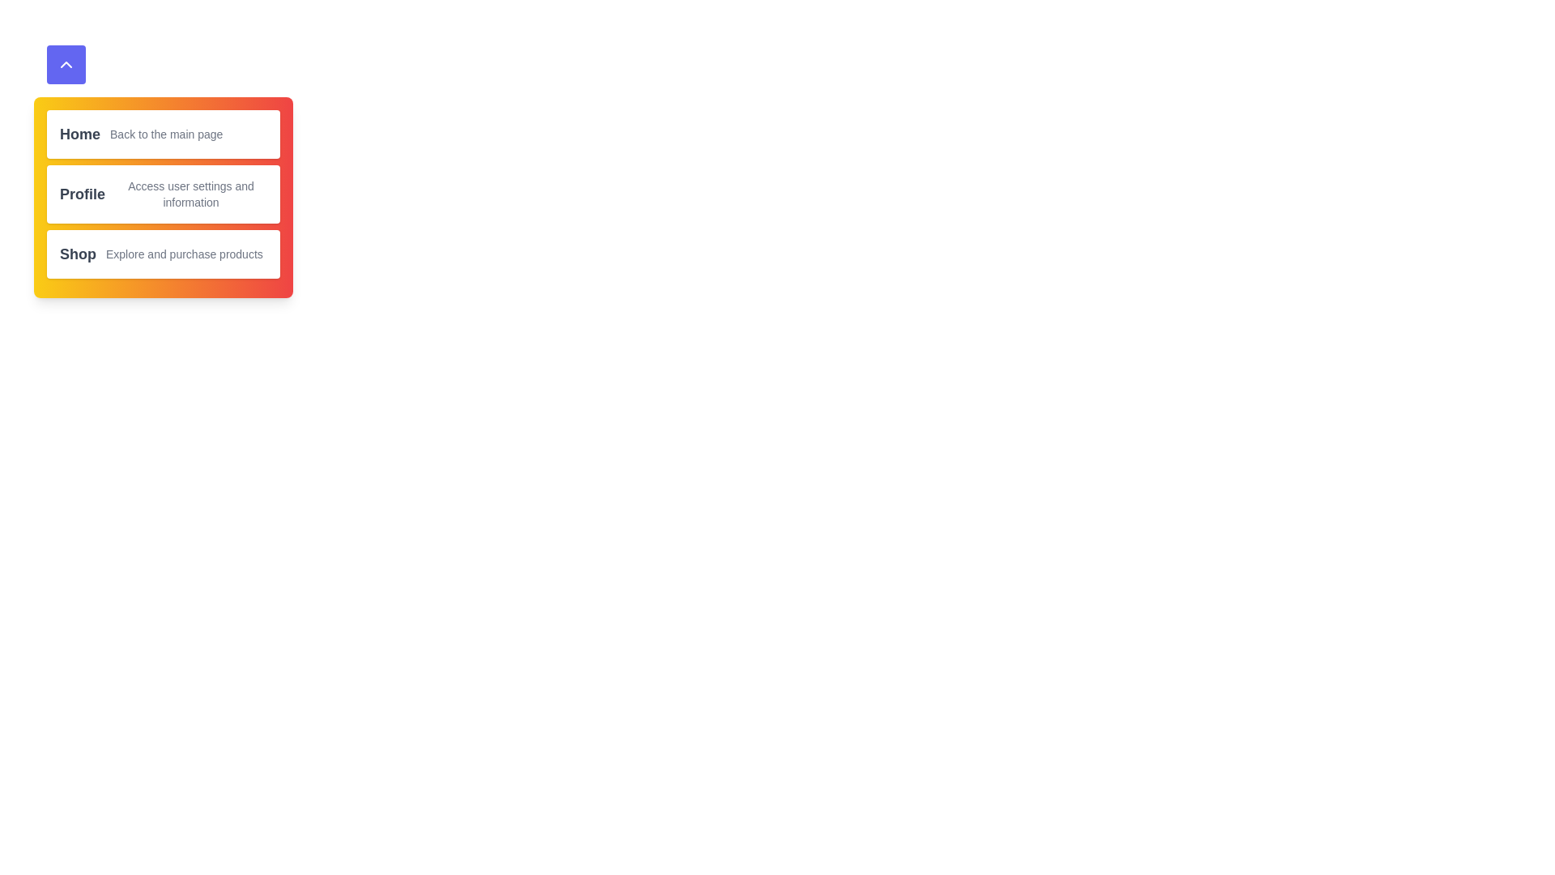  Describe the element at coordinates (65, 64) in the screenshot. I see `the toggle button to close the drawer` at that location.